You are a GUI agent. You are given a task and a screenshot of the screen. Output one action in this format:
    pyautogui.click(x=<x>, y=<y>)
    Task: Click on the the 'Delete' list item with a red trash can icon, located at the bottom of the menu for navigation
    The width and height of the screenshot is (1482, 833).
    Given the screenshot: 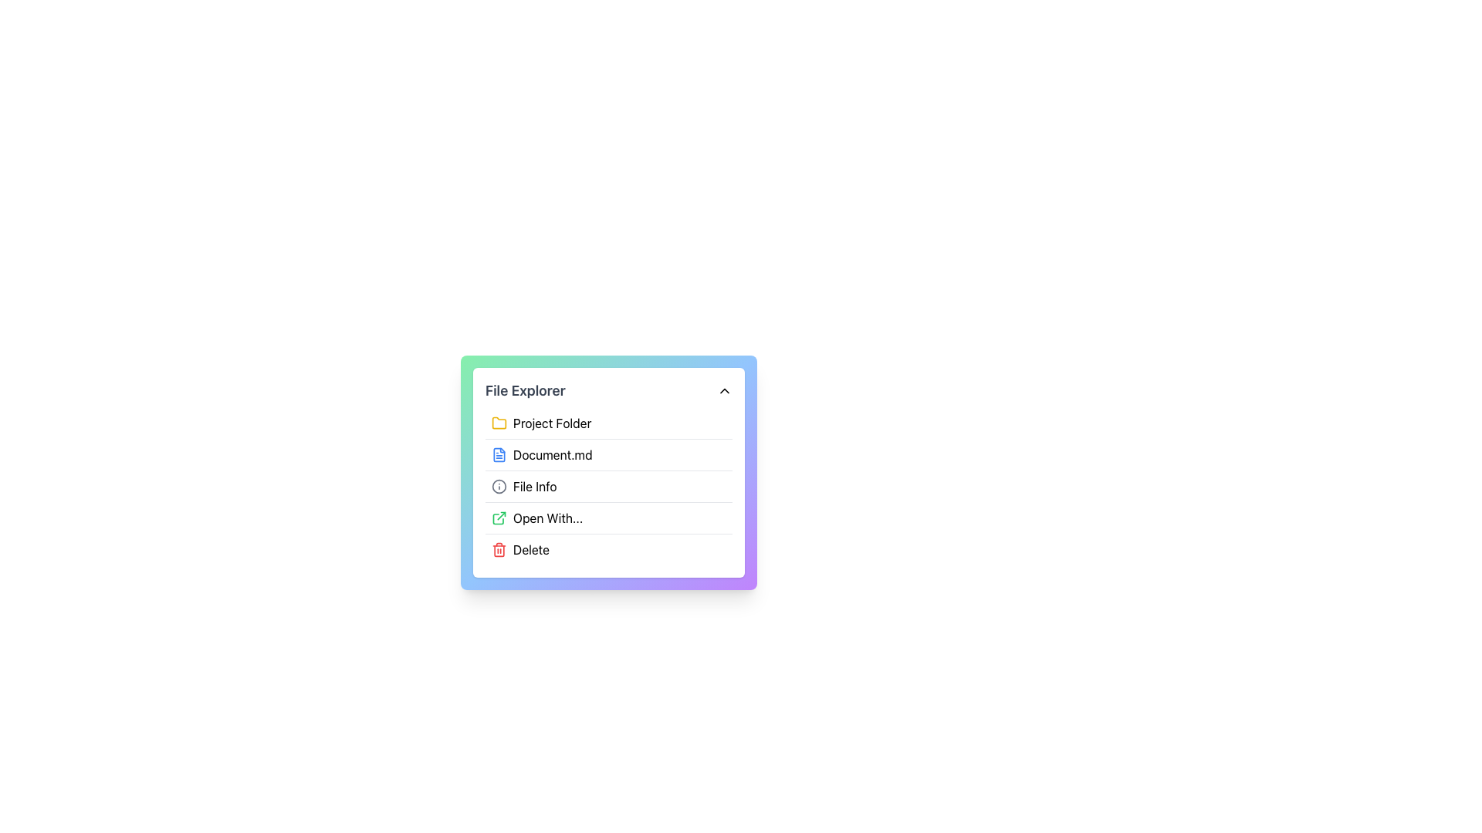 What is the action you would take?
    pyautogui.click(x=607, y=548)
    